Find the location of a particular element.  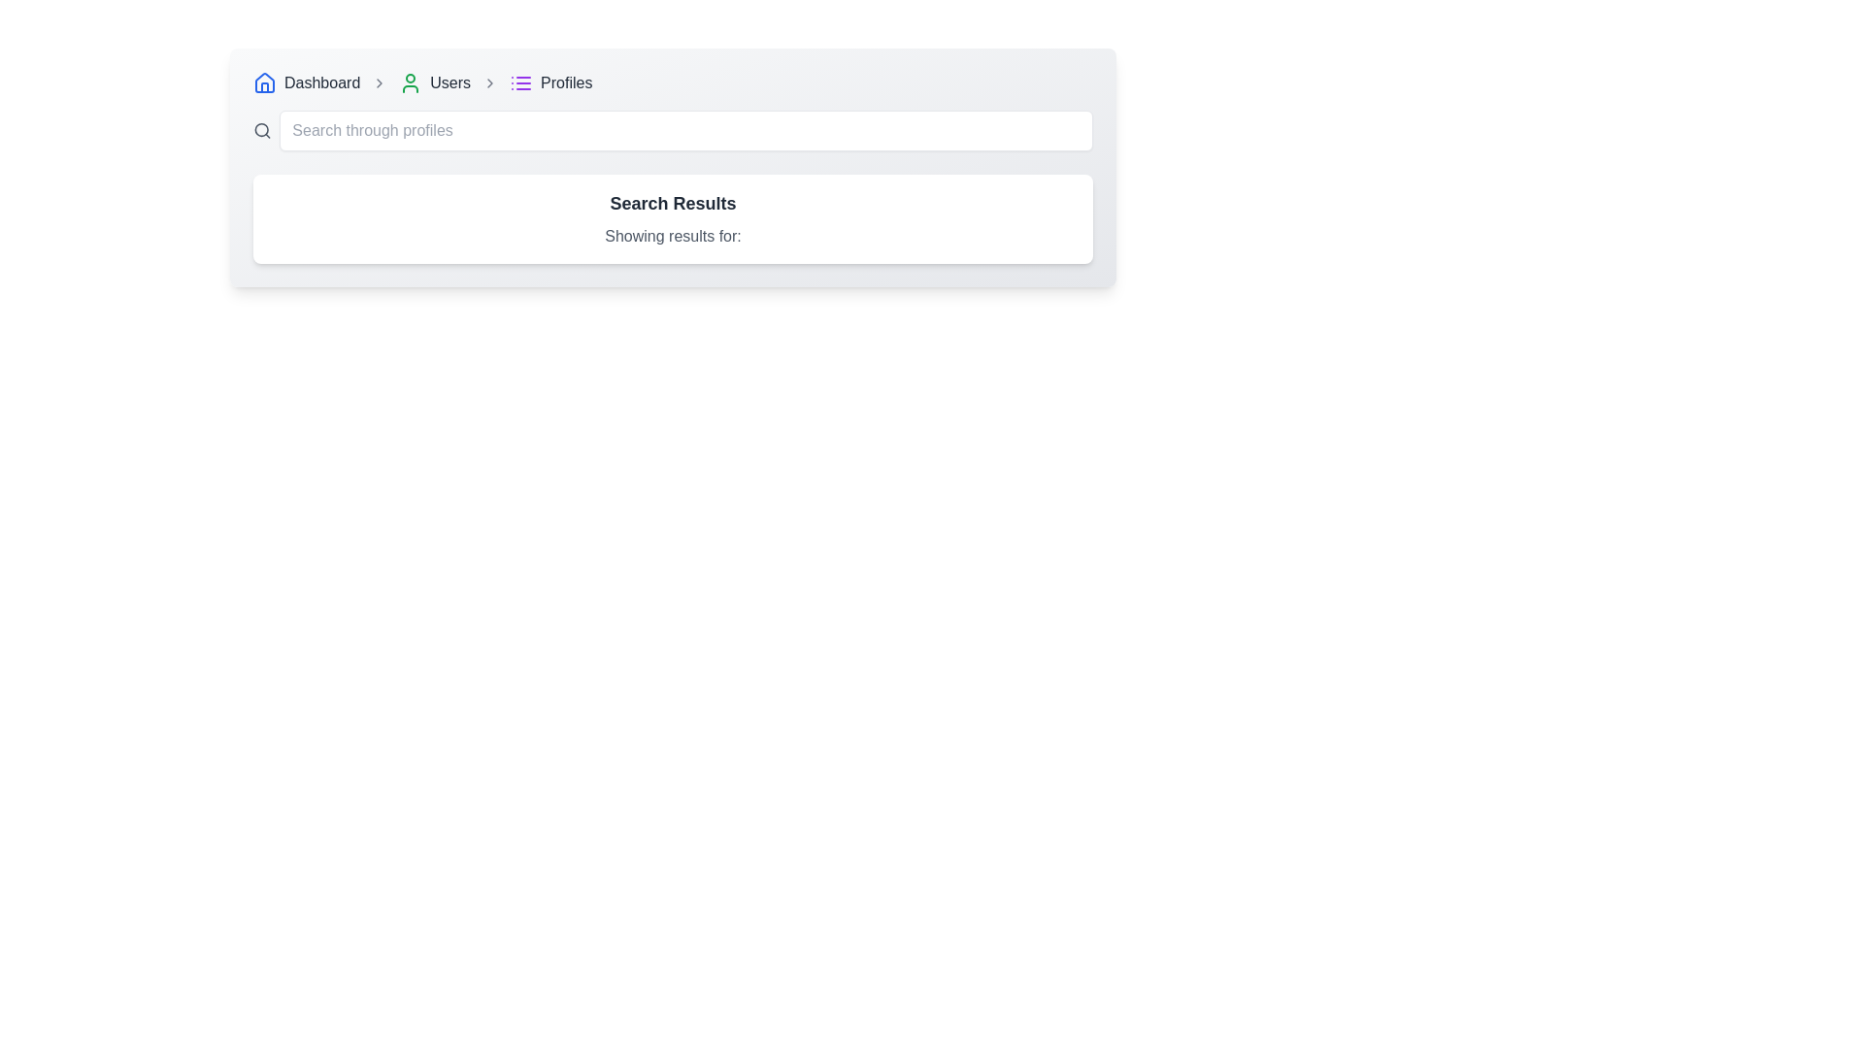

the fourth breadcrumb navigation item that allows users to jump back to the 'Profiles' section, located to the right of the 'Users' item is located at coordinates (565, 82).